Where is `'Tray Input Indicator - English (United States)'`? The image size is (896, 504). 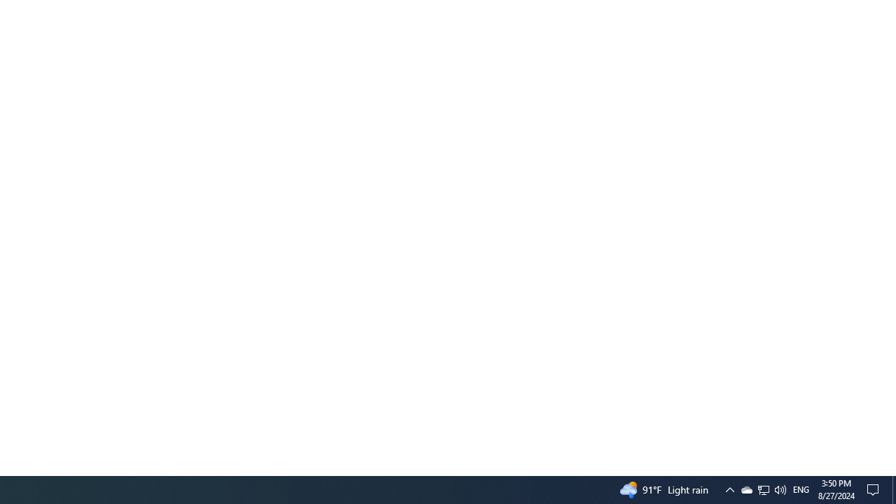
'Tray Input Indicator - English (United States)' is located at coordinates (779, 489).